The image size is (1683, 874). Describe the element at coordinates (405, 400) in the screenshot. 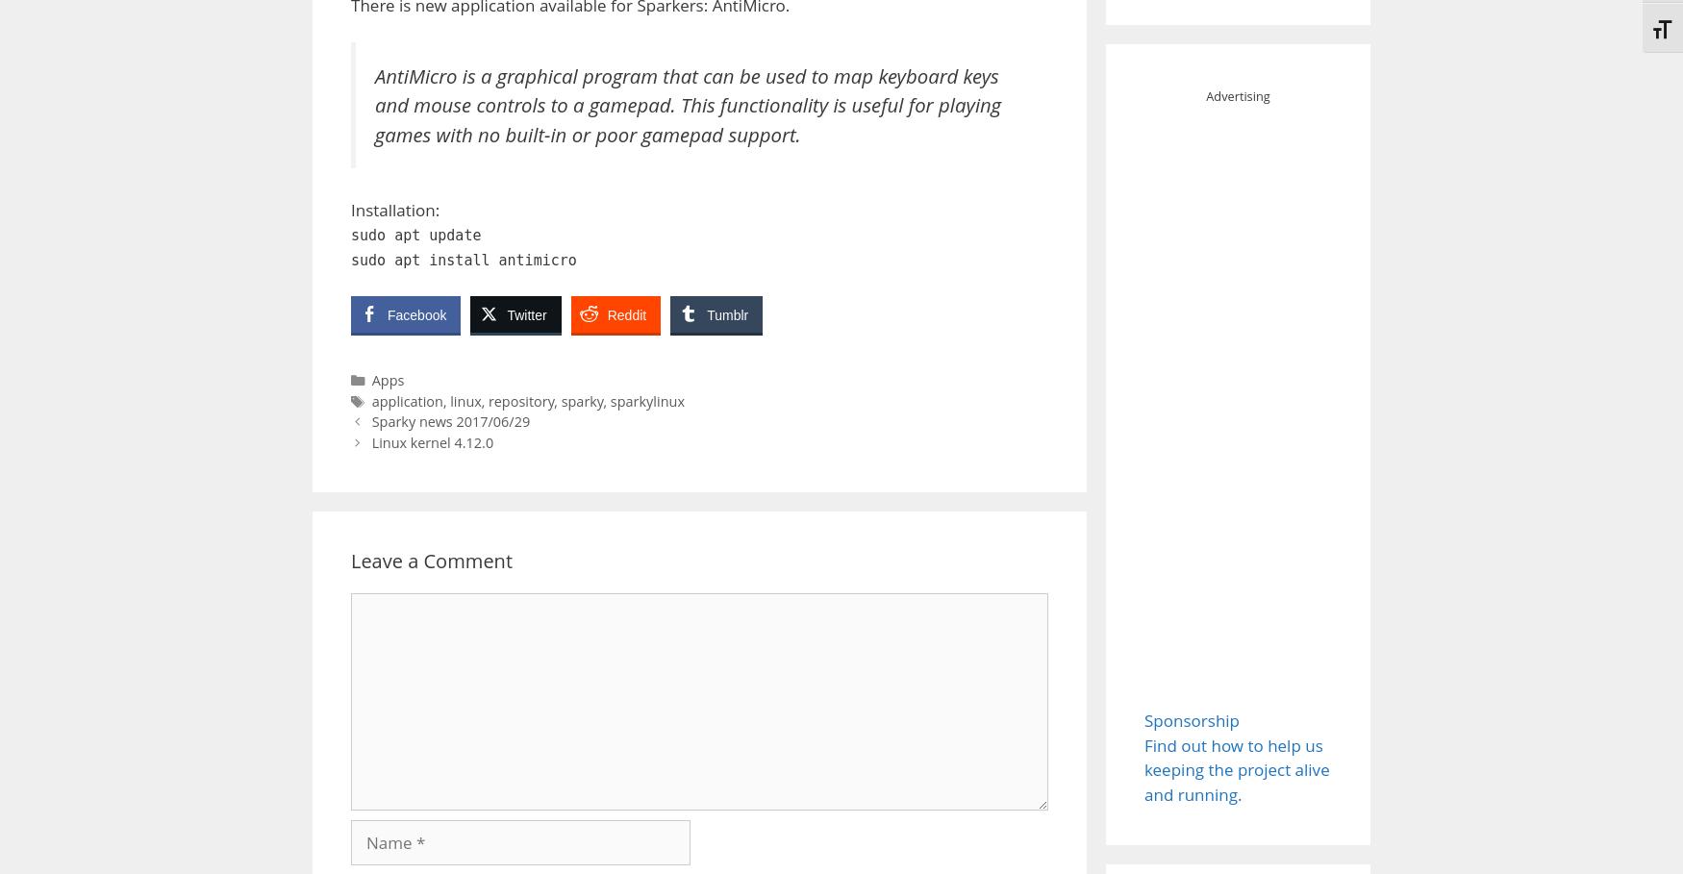

I see `'application'` at that location.